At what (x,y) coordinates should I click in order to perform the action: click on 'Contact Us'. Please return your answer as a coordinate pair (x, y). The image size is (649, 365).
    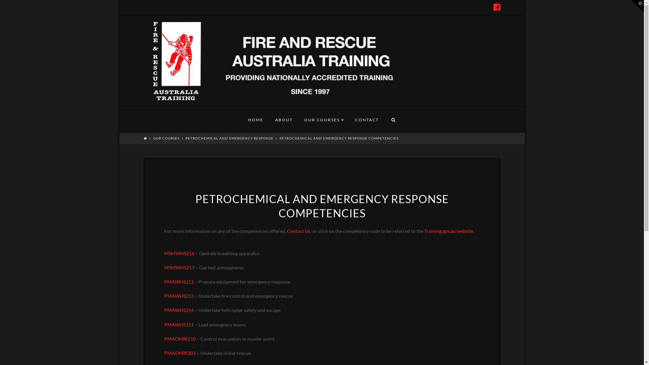
    Looking at the image, I should click on (287, 230).